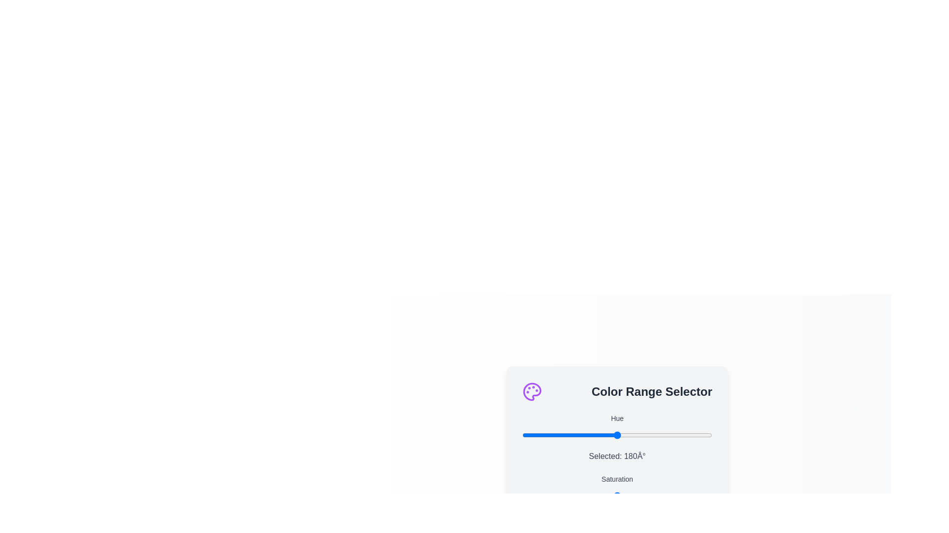 Image resolution: width=949 pixels, height=533 pixels. What do you see at coordinates (545, 434) in the screenshot?
I see `the hue value on the slider` at bounding box center [545, 434].